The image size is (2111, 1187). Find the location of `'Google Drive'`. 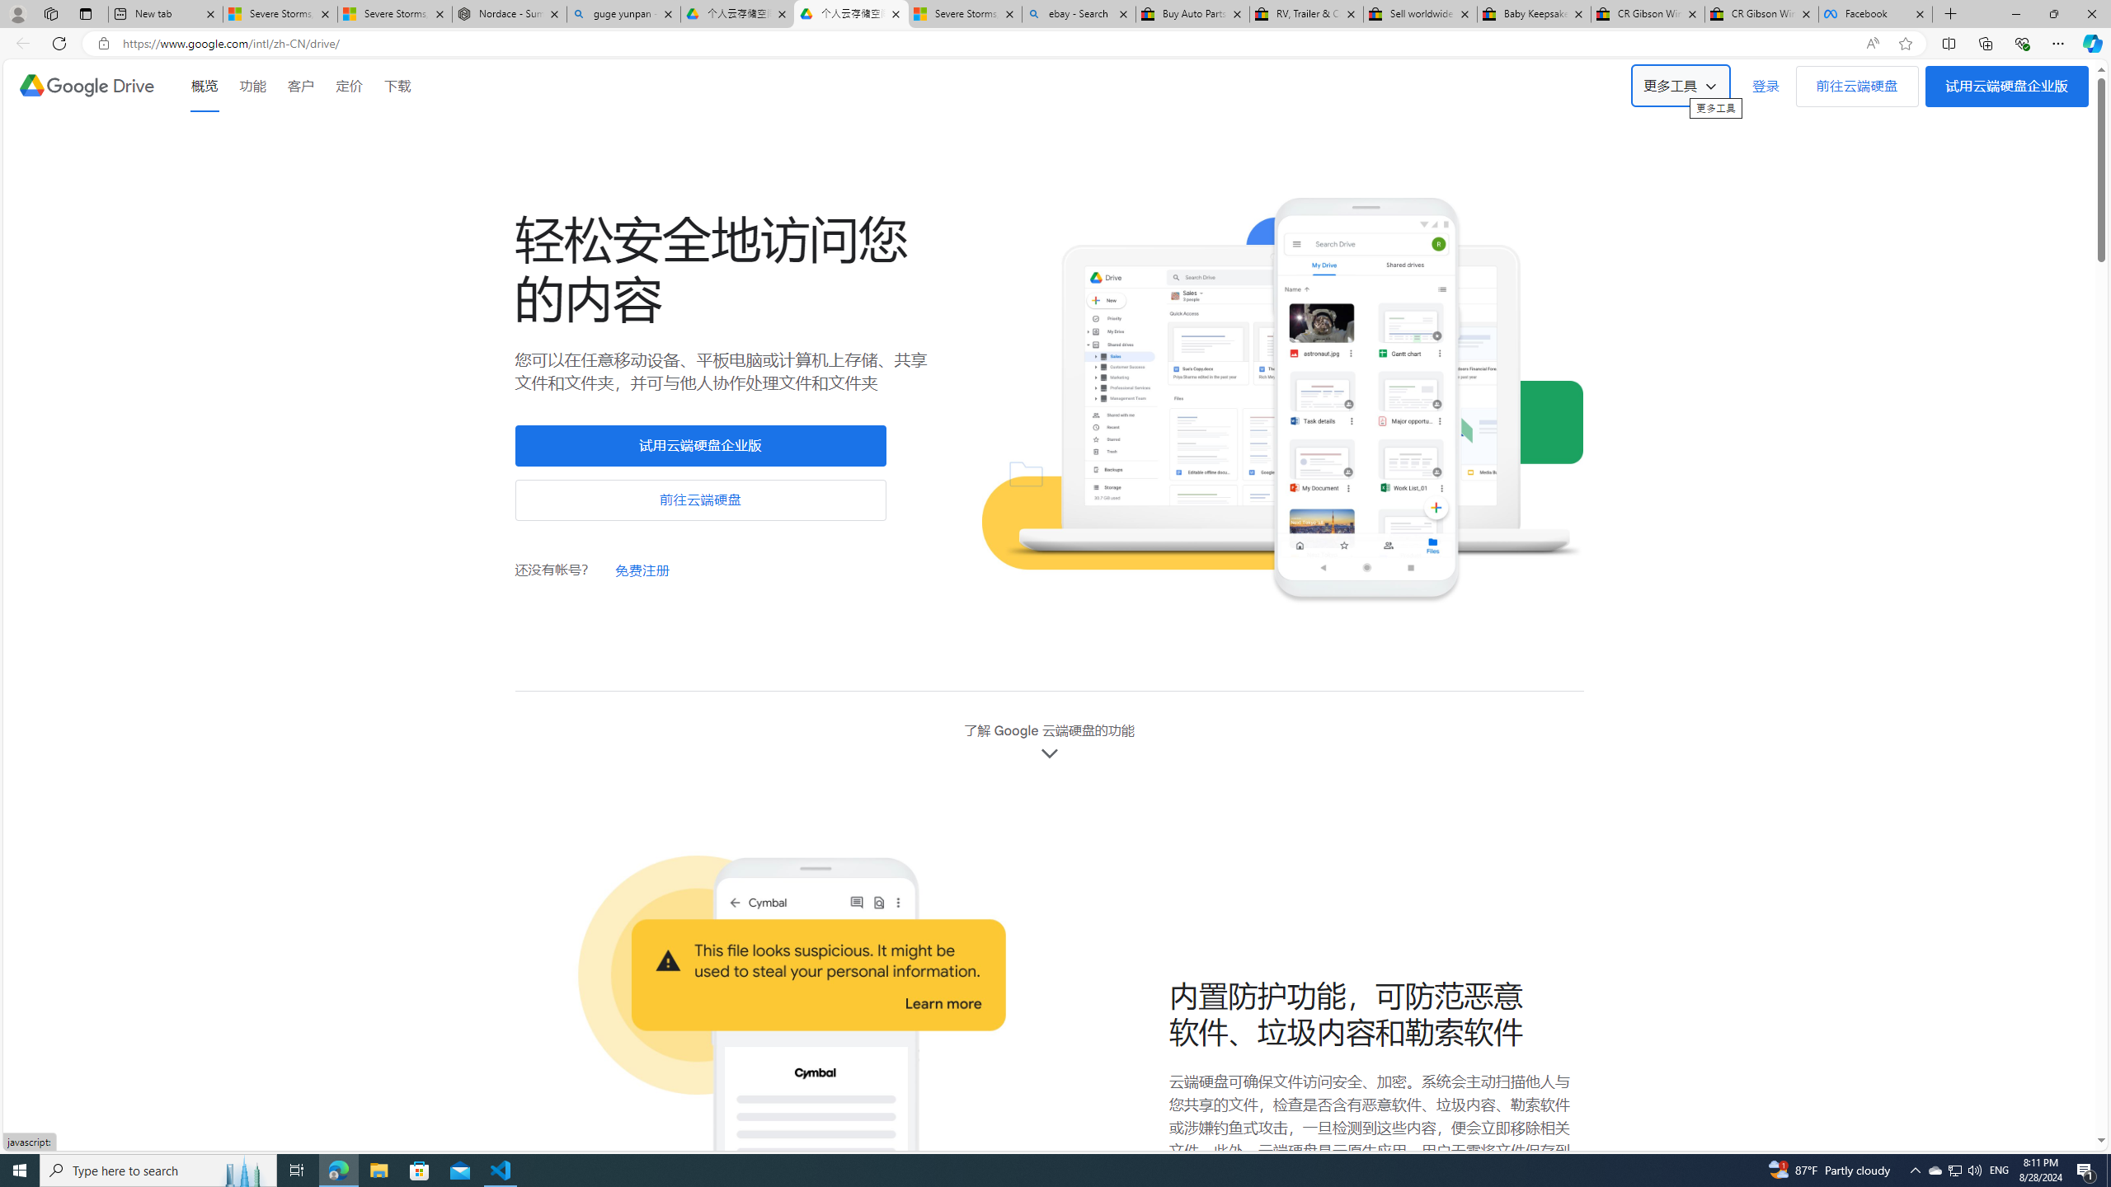

'Google Drive' is located at coordinates (85, 85).